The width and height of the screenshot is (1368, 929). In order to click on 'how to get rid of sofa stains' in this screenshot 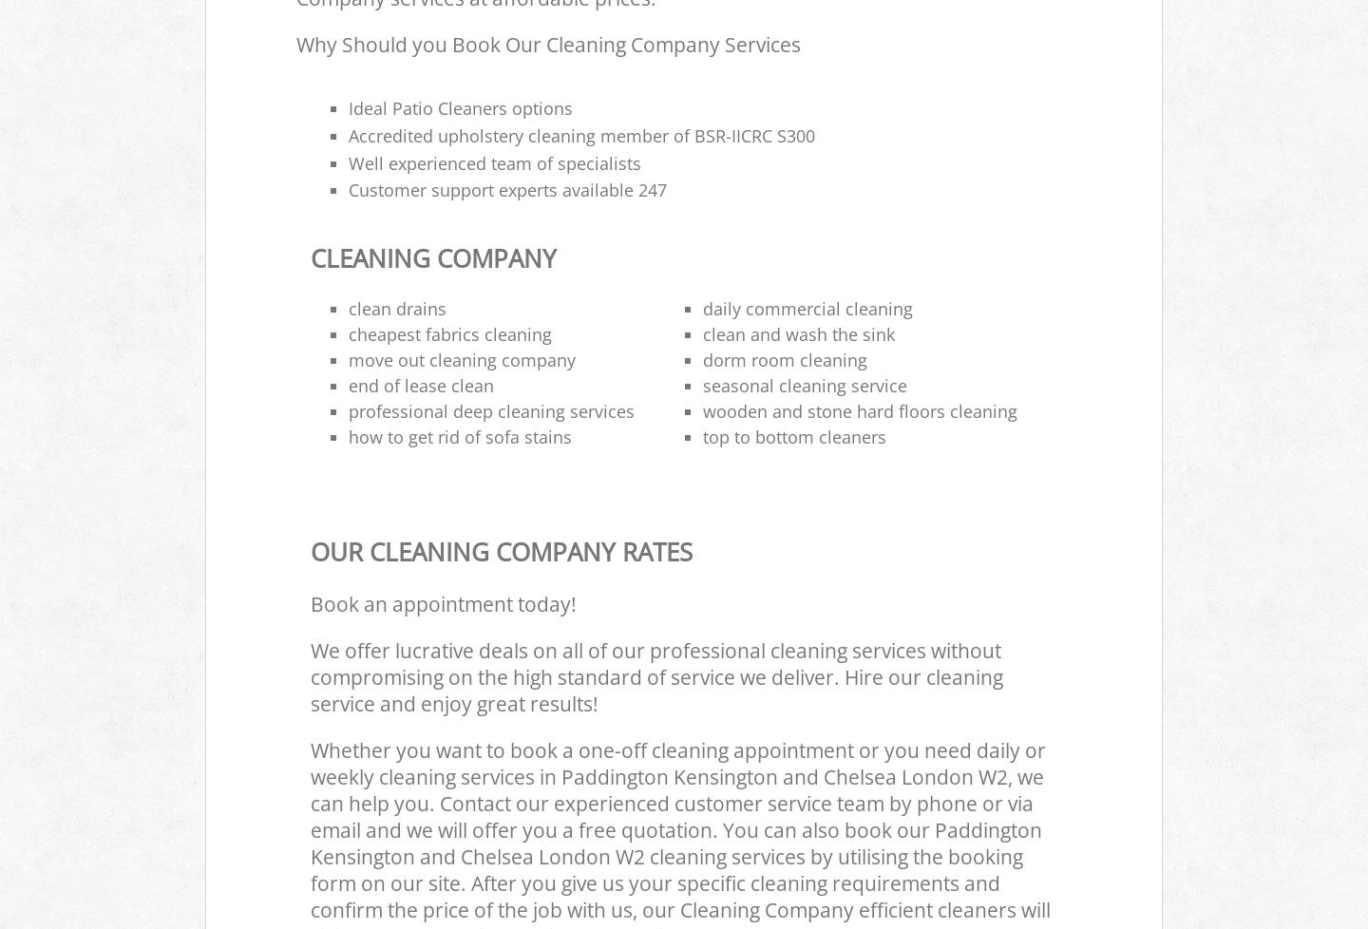, I will do `click(459, 435)`.